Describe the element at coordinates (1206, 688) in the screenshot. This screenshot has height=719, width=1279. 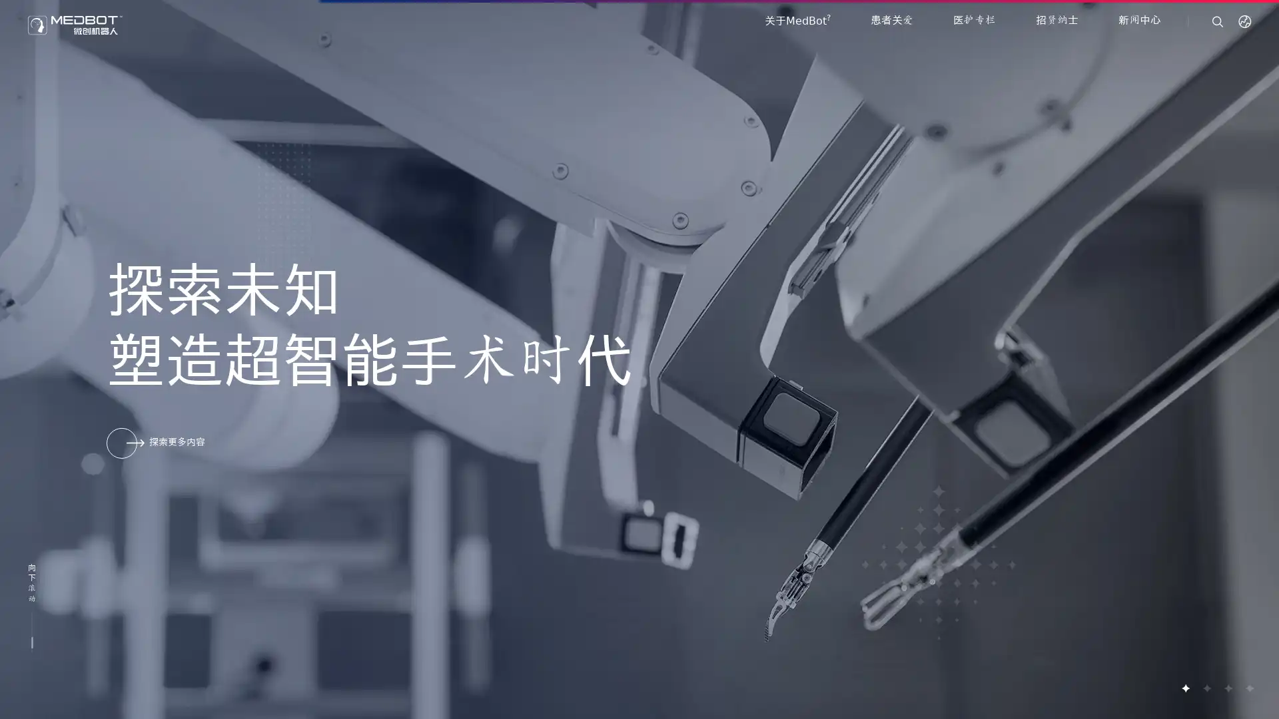
I see `Go to slide 2` at that location.